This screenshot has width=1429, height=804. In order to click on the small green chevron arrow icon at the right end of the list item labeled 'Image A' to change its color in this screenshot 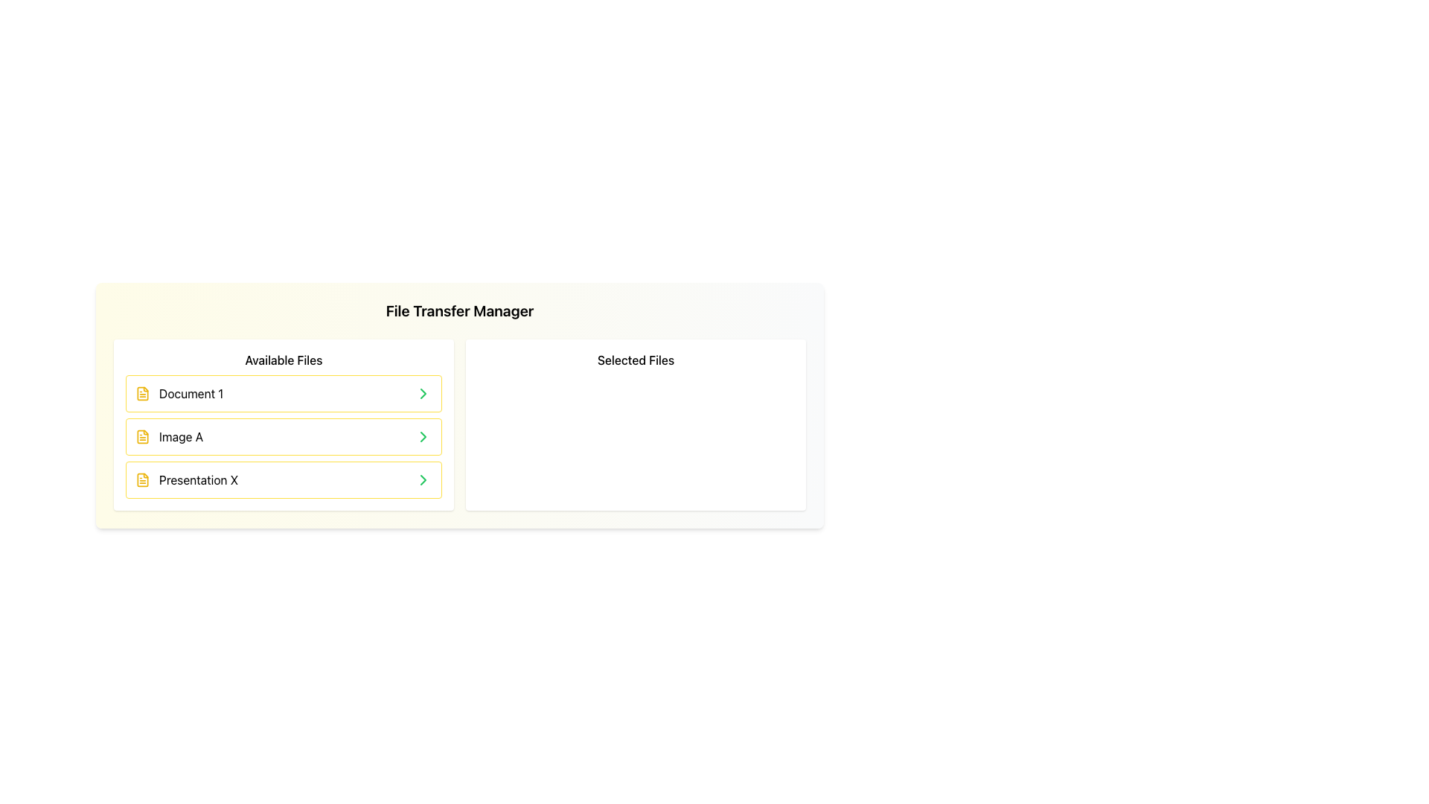, I will do `click(423, 435)`.